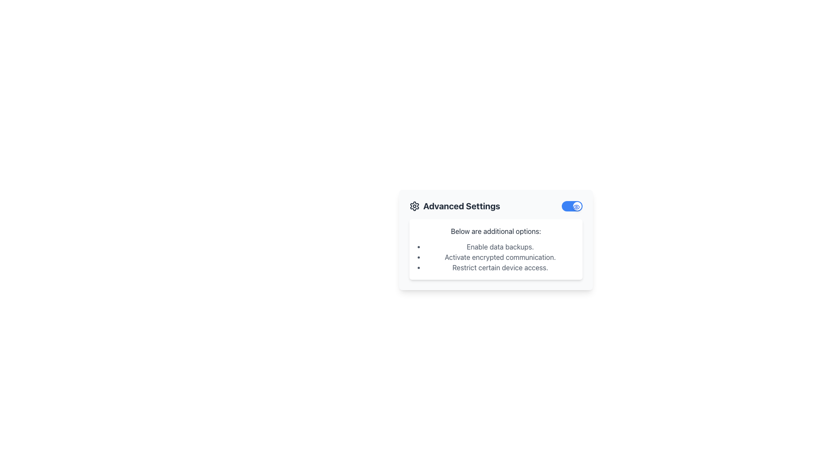 The image size is (831, 467). I want to click on the eye-related icon located at the top-right side of the 'Advanced Settings' toggle switch component, so click(576, 207).